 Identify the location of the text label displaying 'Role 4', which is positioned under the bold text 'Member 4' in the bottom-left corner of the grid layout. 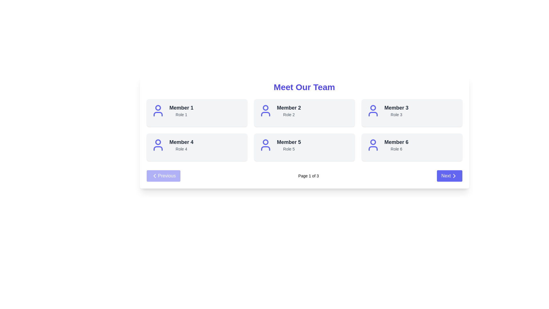
(181, 148).